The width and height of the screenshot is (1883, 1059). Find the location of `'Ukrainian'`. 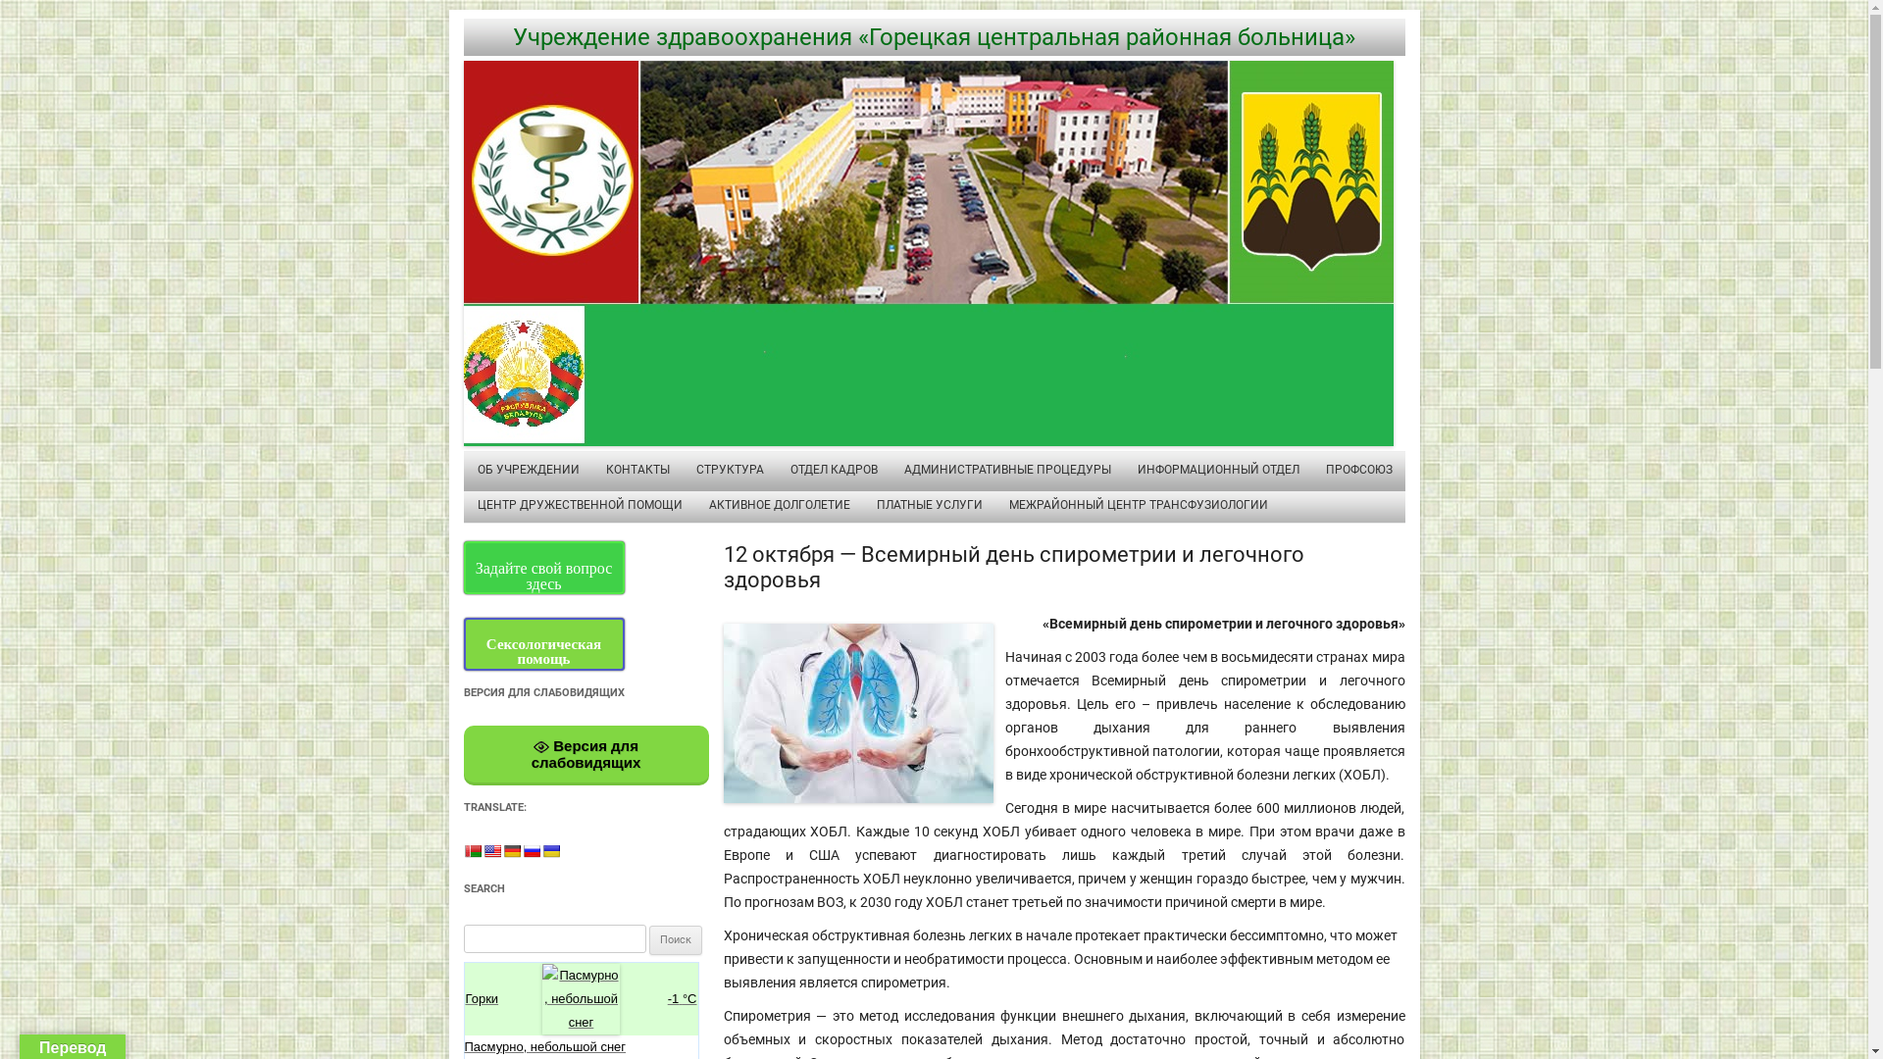

'Ukrainian' is located at coordinates (549, 849).